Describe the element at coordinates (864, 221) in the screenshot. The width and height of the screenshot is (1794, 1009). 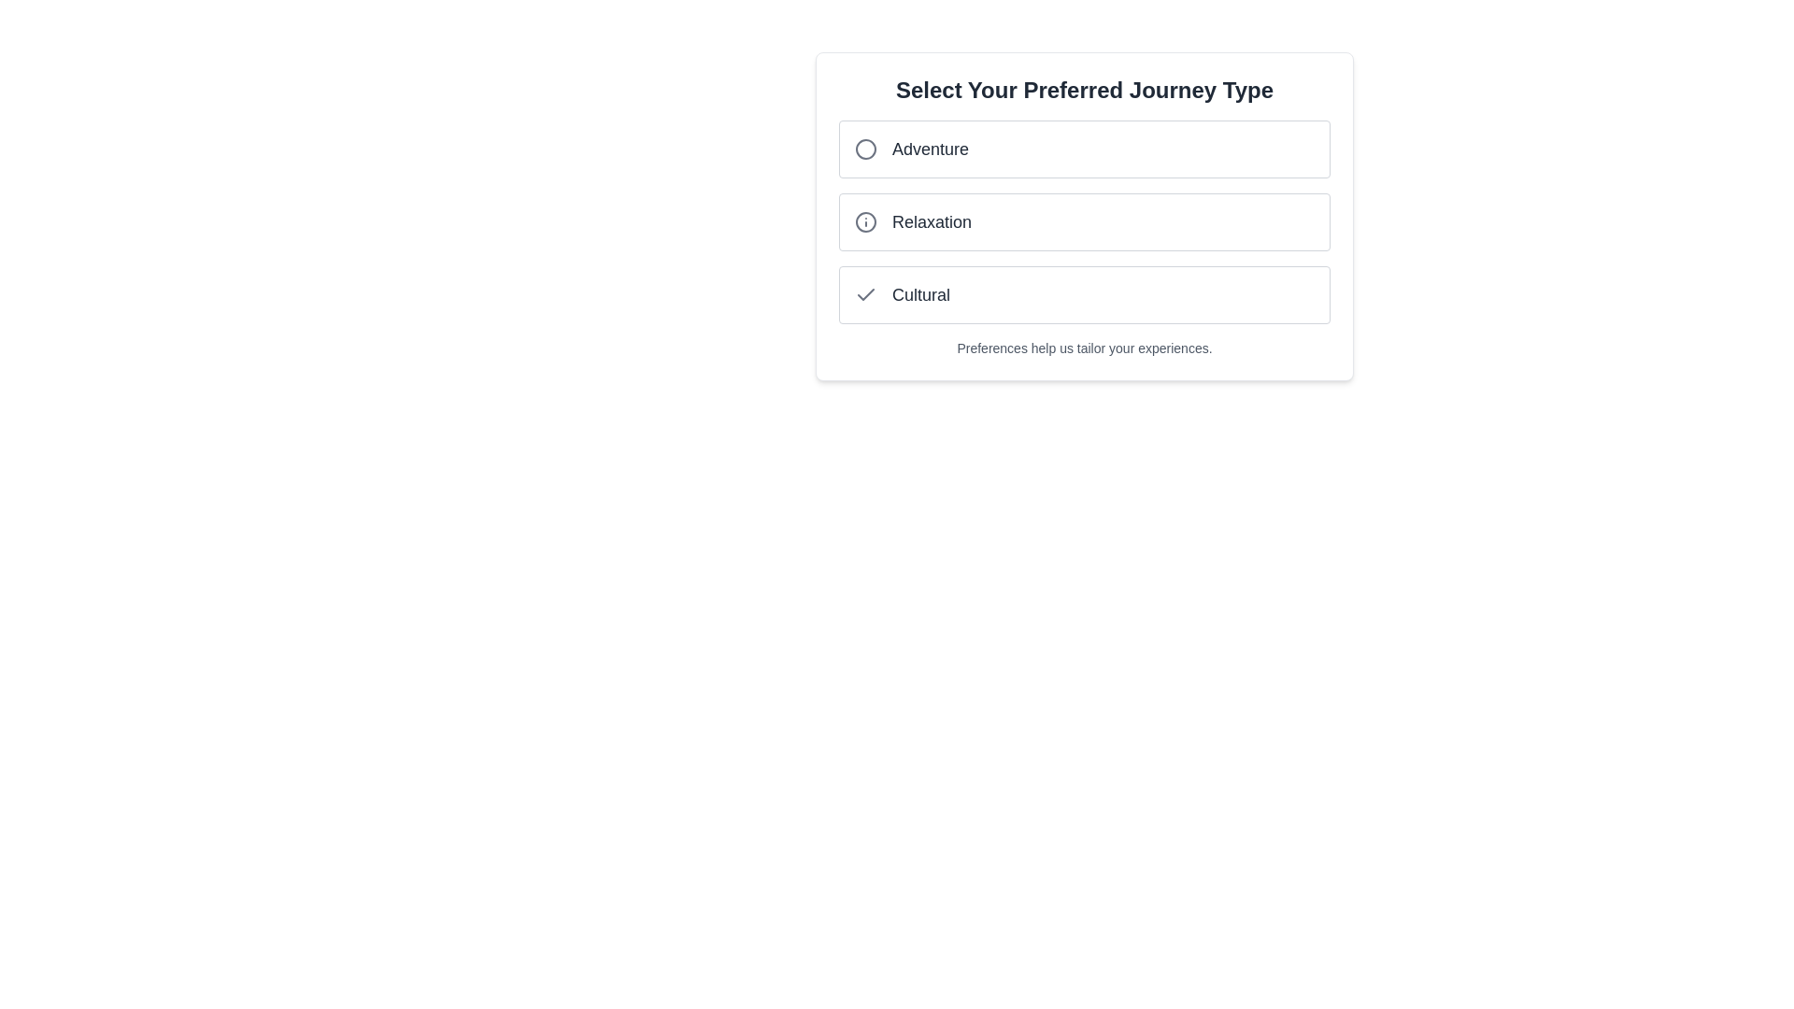
I see `the circular outlined info icon located to the left of the 'Relaxation' text within the second selection card` at that location.